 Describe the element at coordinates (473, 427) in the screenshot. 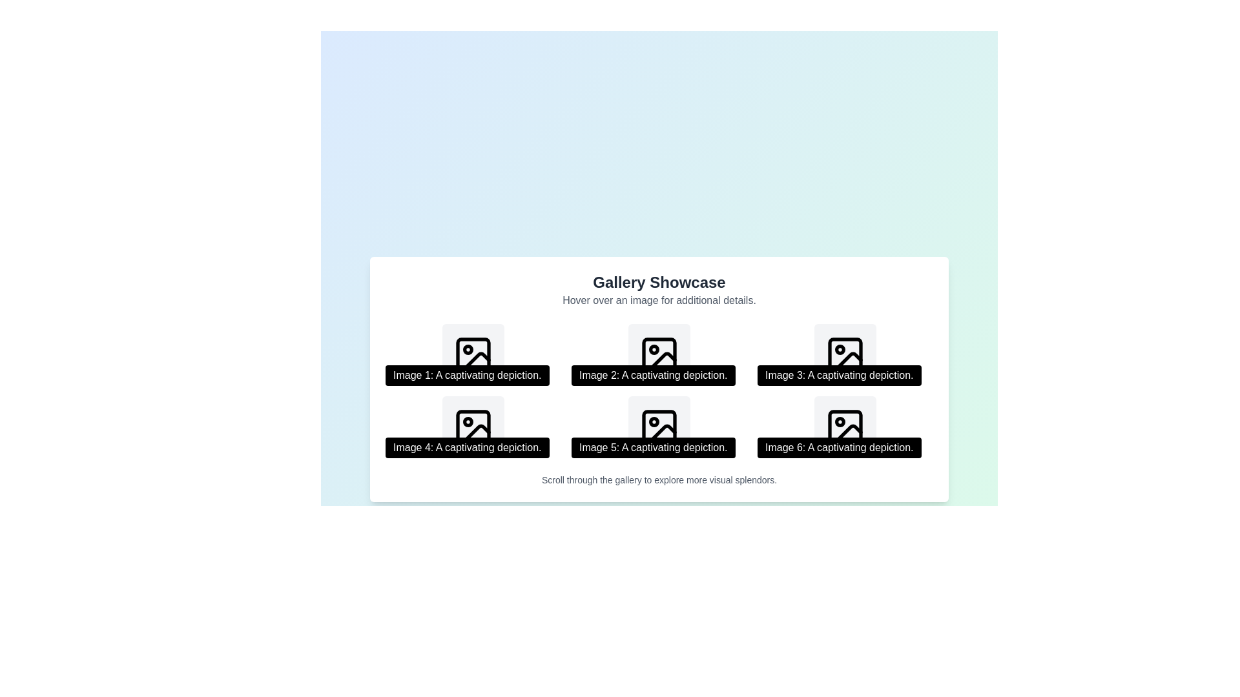

I see `the first icon in the second row and first column of the grid layout` at that location.